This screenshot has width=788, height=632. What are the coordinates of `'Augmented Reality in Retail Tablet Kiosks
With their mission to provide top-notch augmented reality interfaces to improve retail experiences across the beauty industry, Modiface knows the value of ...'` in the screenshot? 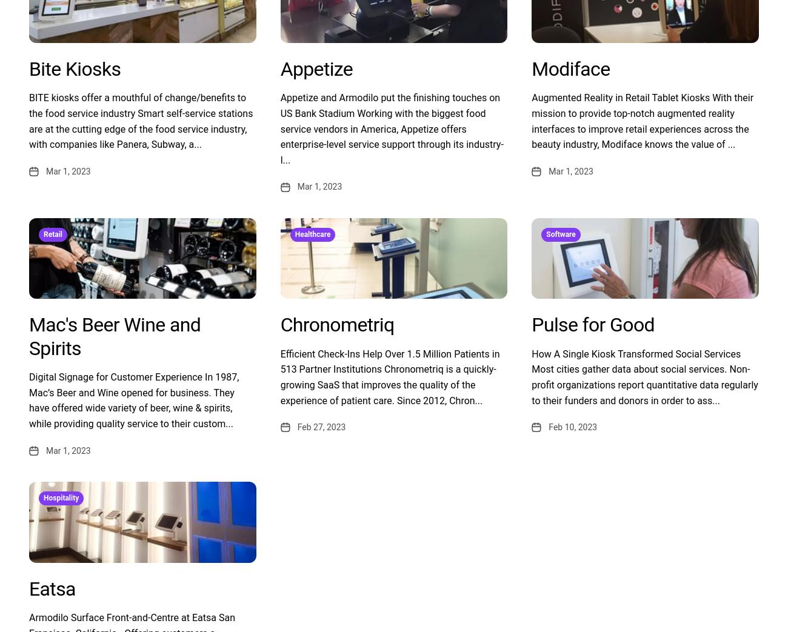 It's located at (530, 121).